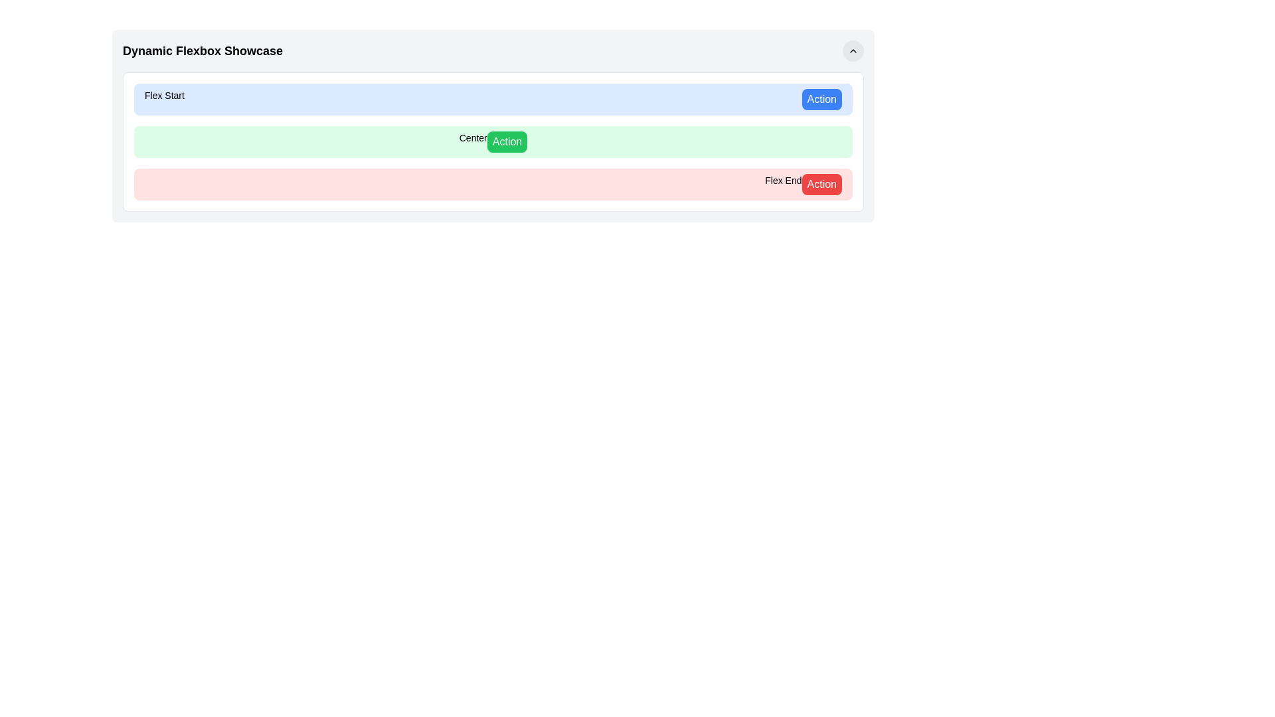 This screenshot has width=1275, height=717. What do you see at coordinates (853, 50) in the screenshot?
I see `the chevron icon in the top-right corner of the application interface, which is part of a circular button and adjacent to the 'Dynamic Flexbox Showcase' header bar` at bounding box center [853, 50].